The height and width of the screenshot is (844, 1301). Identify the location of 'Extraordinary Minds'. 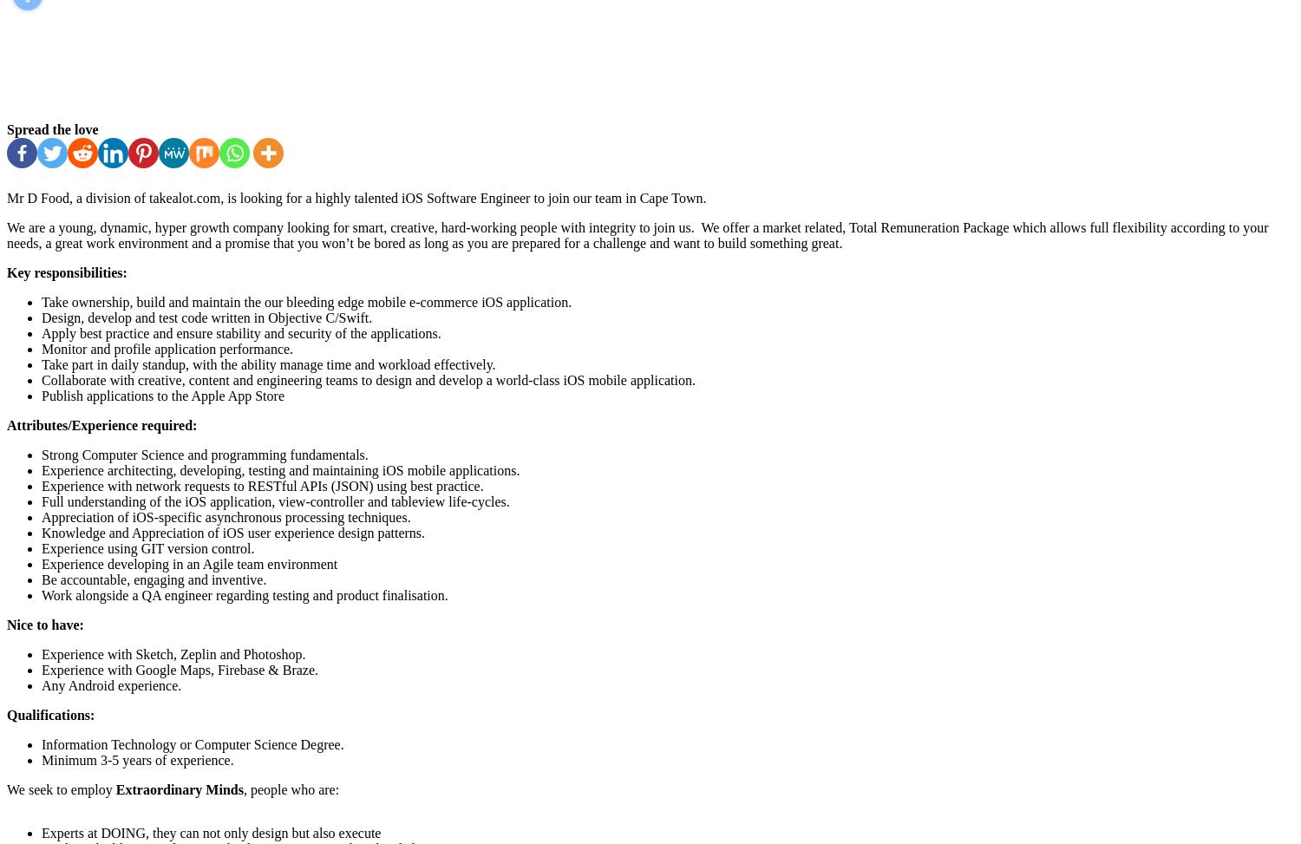
(176, 788).